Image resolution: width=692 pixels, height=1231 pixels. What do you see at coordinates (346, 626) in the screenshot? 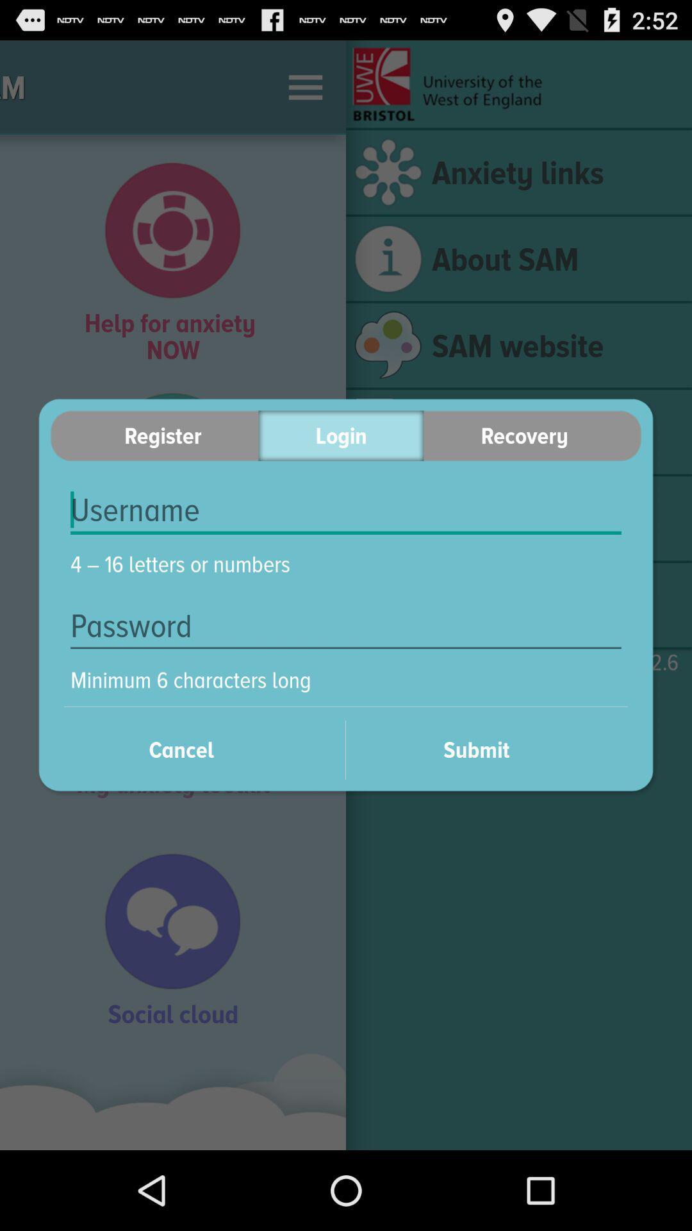
I see `the icon below 4 16 letters` at bounding box center [346, 626].